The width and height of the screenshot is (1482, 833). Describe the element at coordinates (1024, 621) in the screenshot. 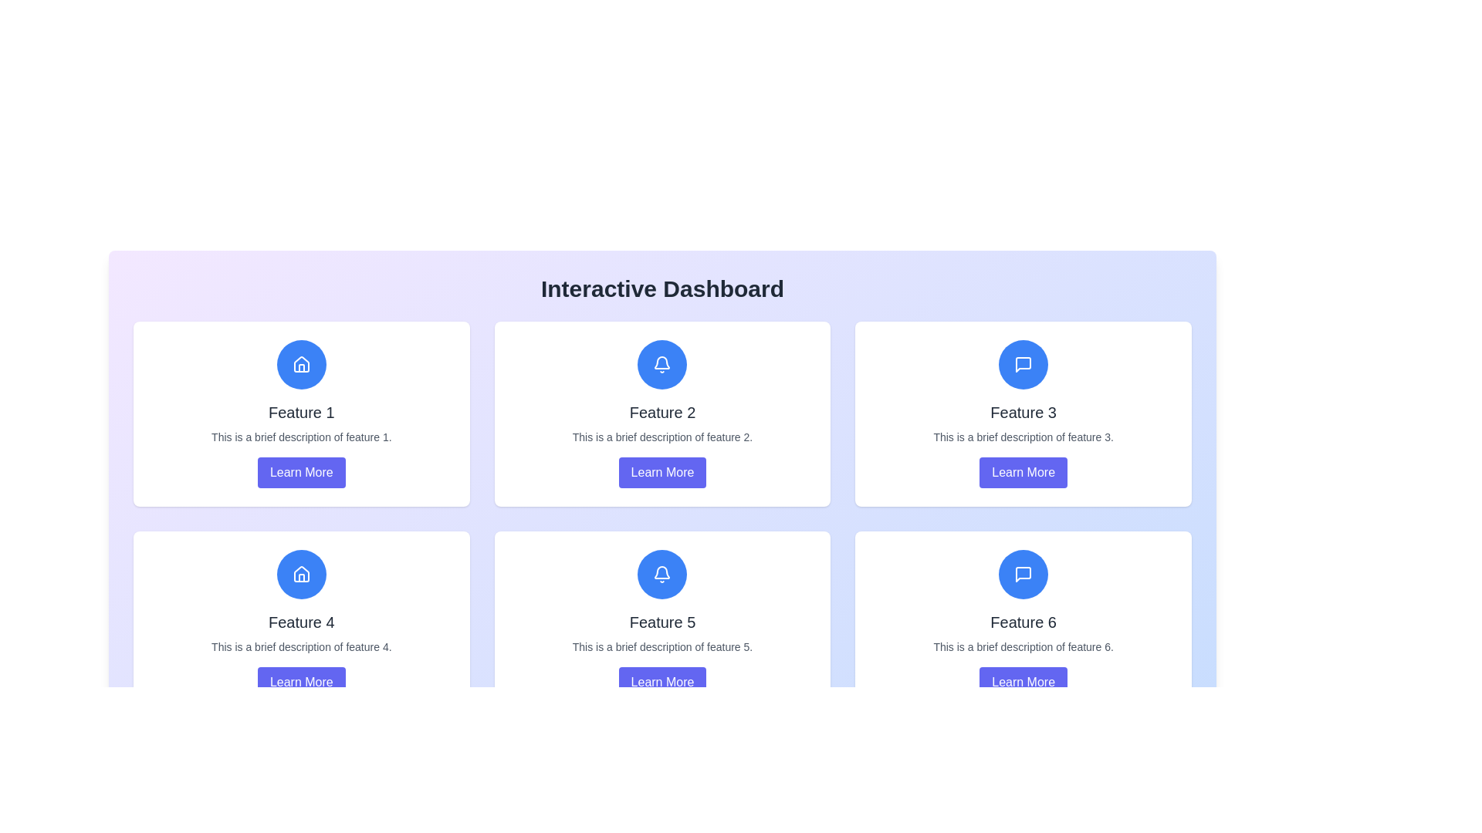

I see `the text label that serves as a title for the feature card located in the bottom-right card of a grid layout` at that location.